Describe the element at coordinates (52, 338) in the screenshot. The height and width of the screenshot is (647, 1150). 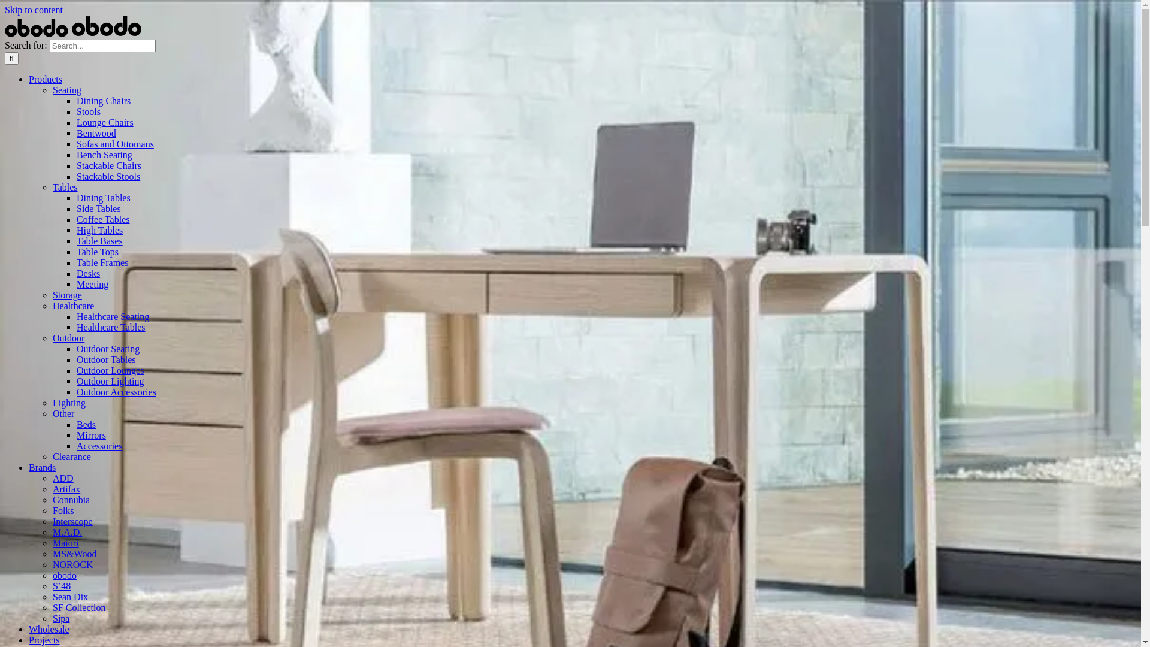
I see `'Outdoor'` at that location.